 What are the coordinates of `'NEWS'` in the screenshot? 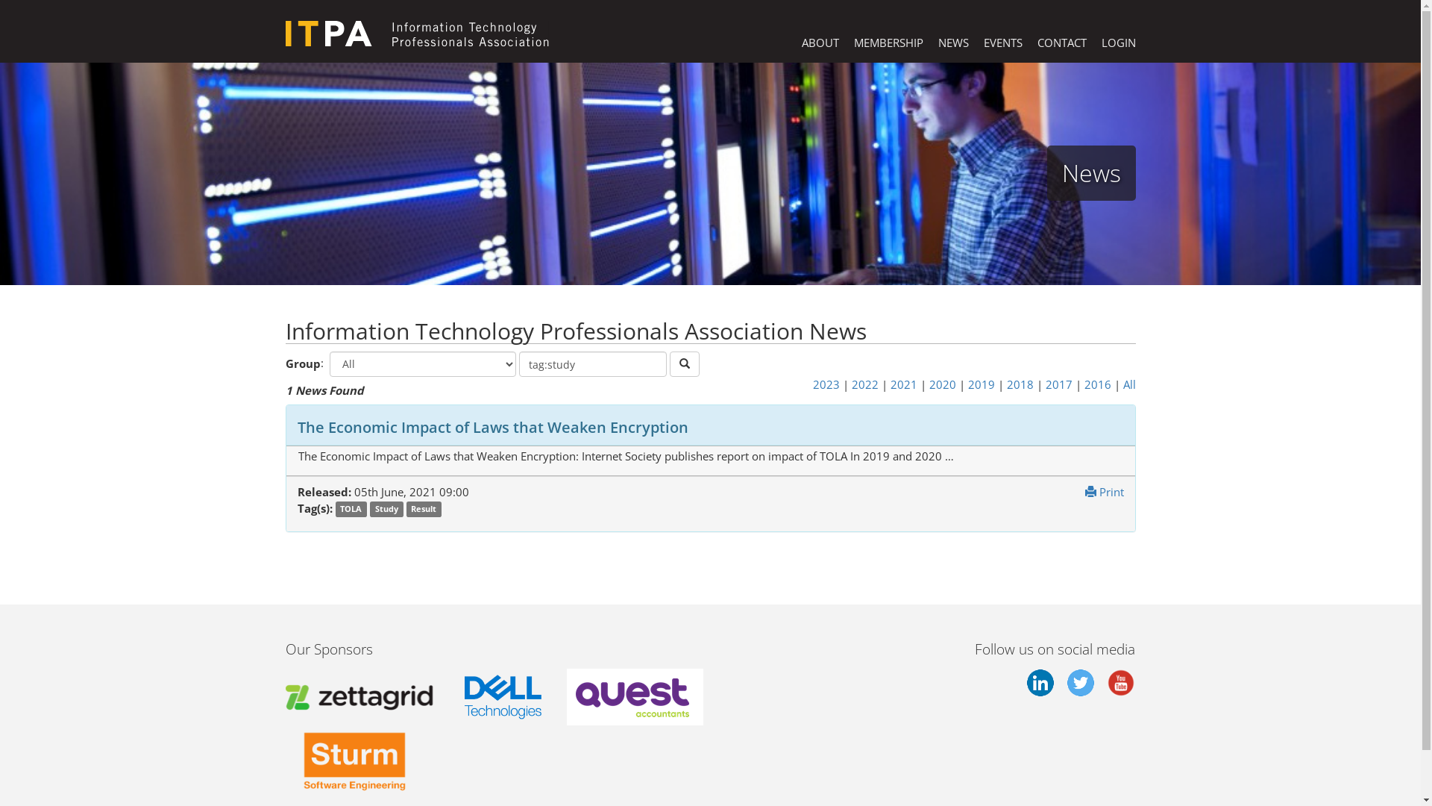 It's located at (952, 42).